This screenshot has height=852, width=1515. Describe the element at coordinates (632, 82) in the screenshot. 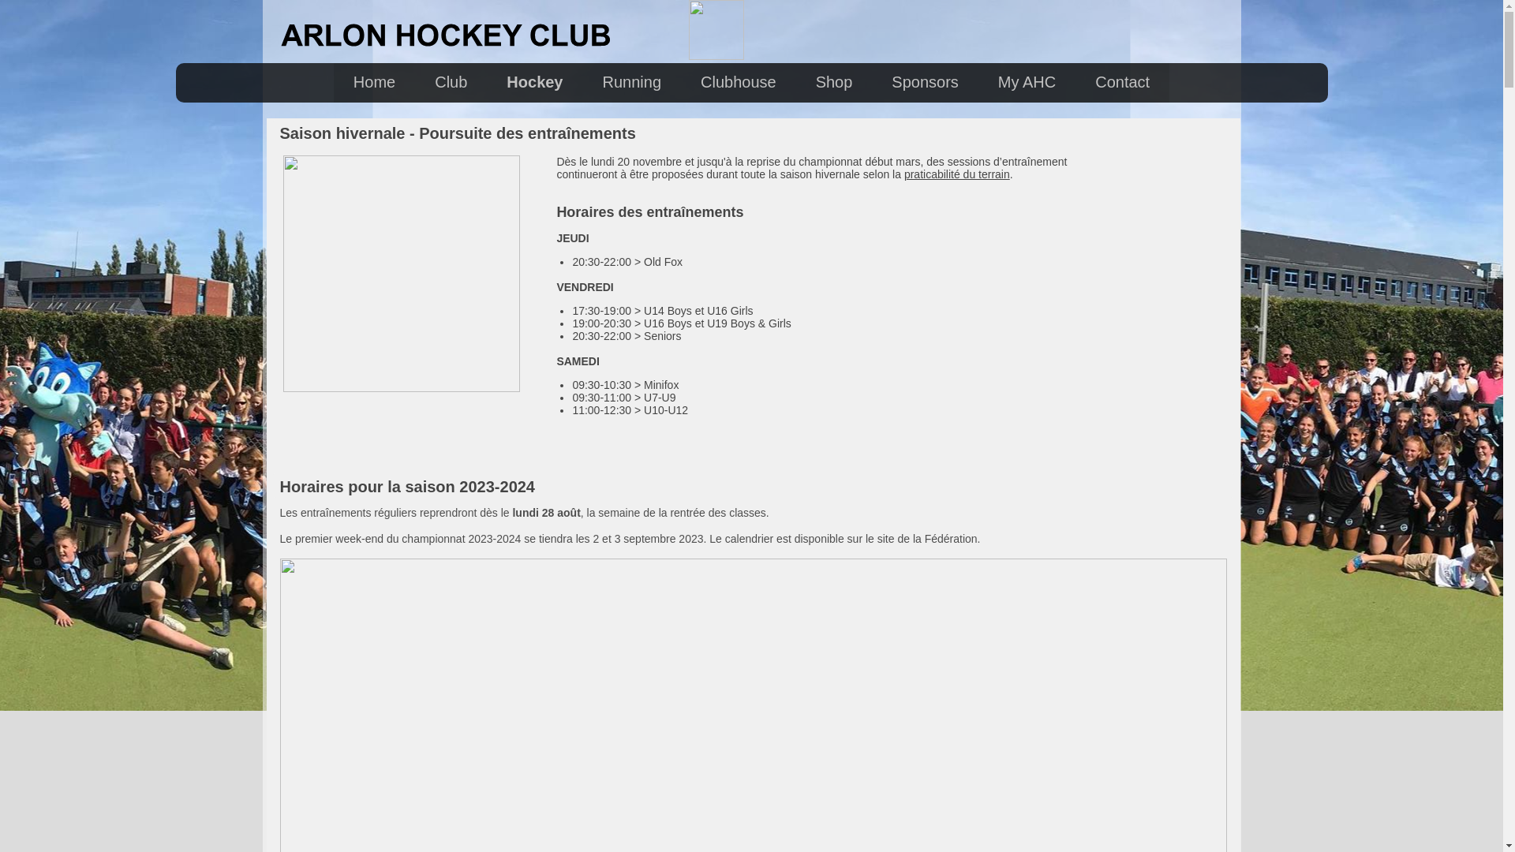

I see `'Running'` at that location.